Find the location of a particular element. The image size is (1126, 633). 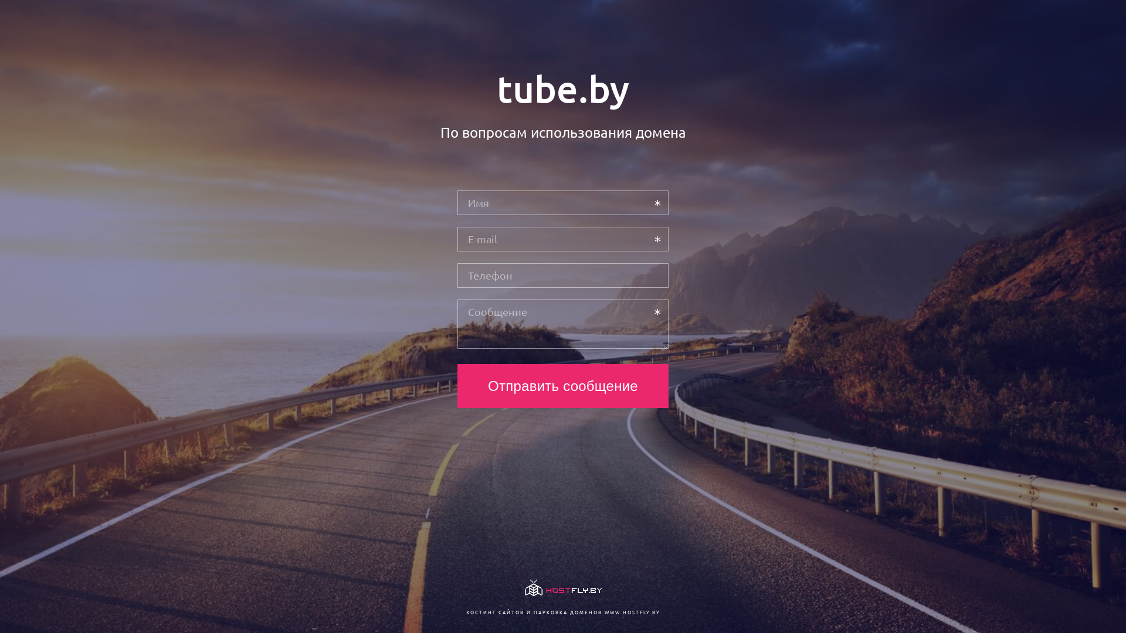

'WWW.HOSTFLY.BY' is located at coordinates (631, 611).